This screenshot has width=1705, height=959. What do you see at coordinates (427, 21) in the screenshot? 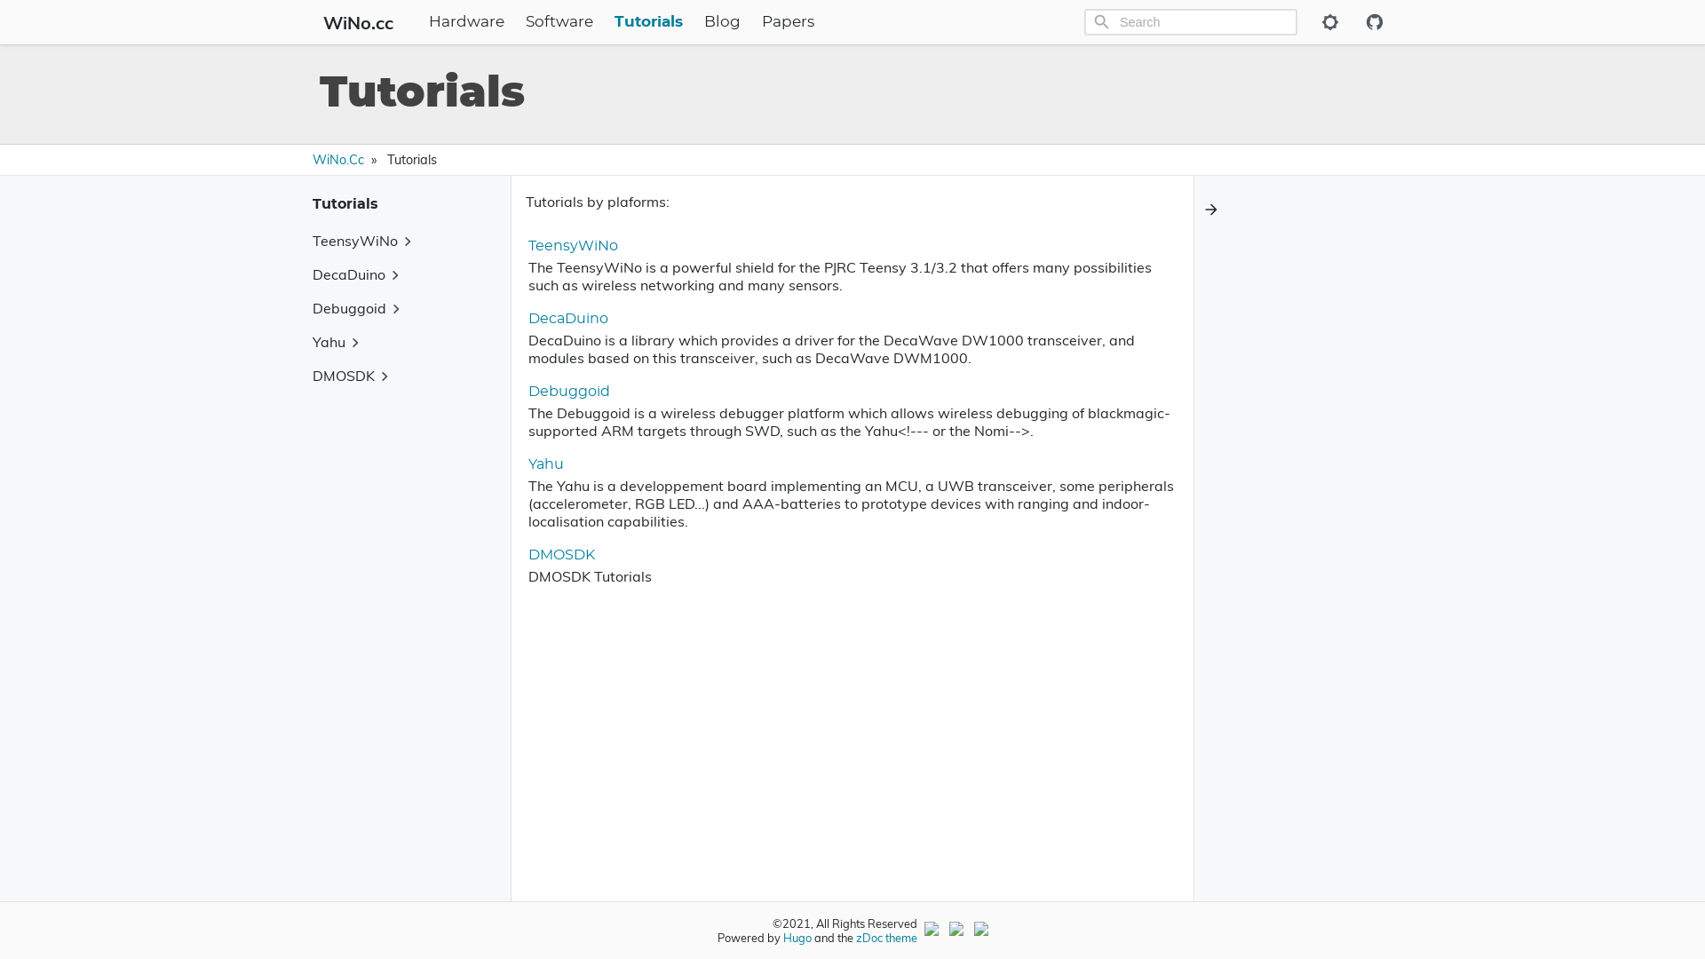
I see `'Hardware'` at bounding box center [427, 21].